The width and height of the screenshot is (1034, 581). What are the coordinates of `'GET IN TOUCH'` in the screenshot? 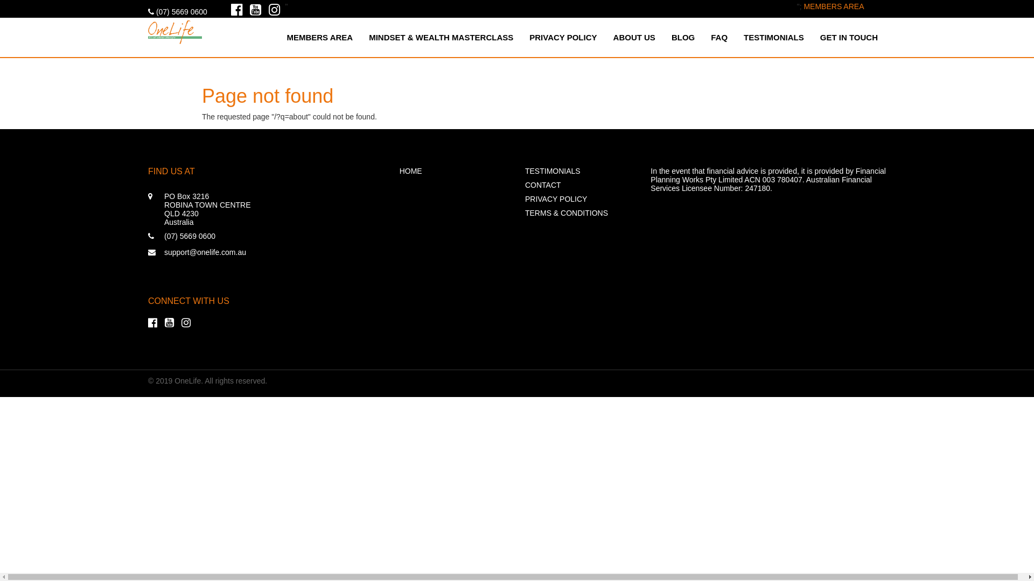 It's located at (848, 37).